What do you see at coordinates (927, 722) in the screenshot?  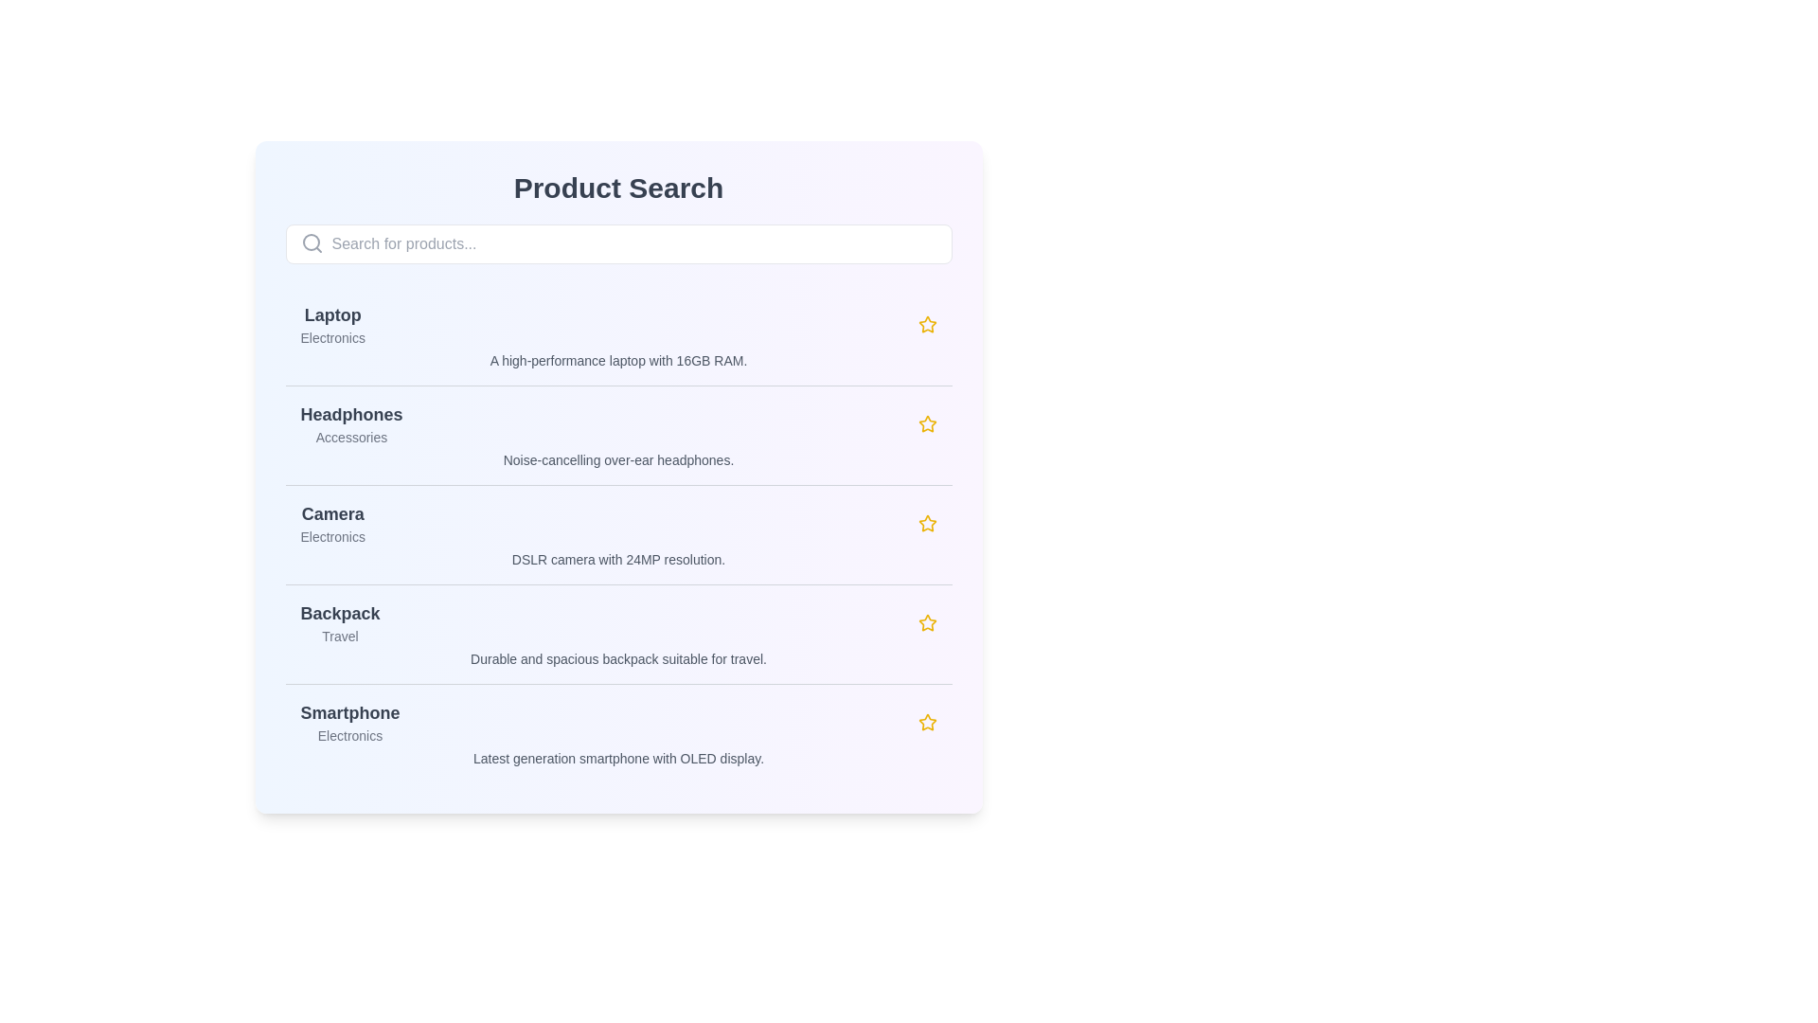 I see `the yellow five-pointed star icon at the right end of the 'Smartphone' item row to mark it as a favorite` at bounding box center [927, 722].